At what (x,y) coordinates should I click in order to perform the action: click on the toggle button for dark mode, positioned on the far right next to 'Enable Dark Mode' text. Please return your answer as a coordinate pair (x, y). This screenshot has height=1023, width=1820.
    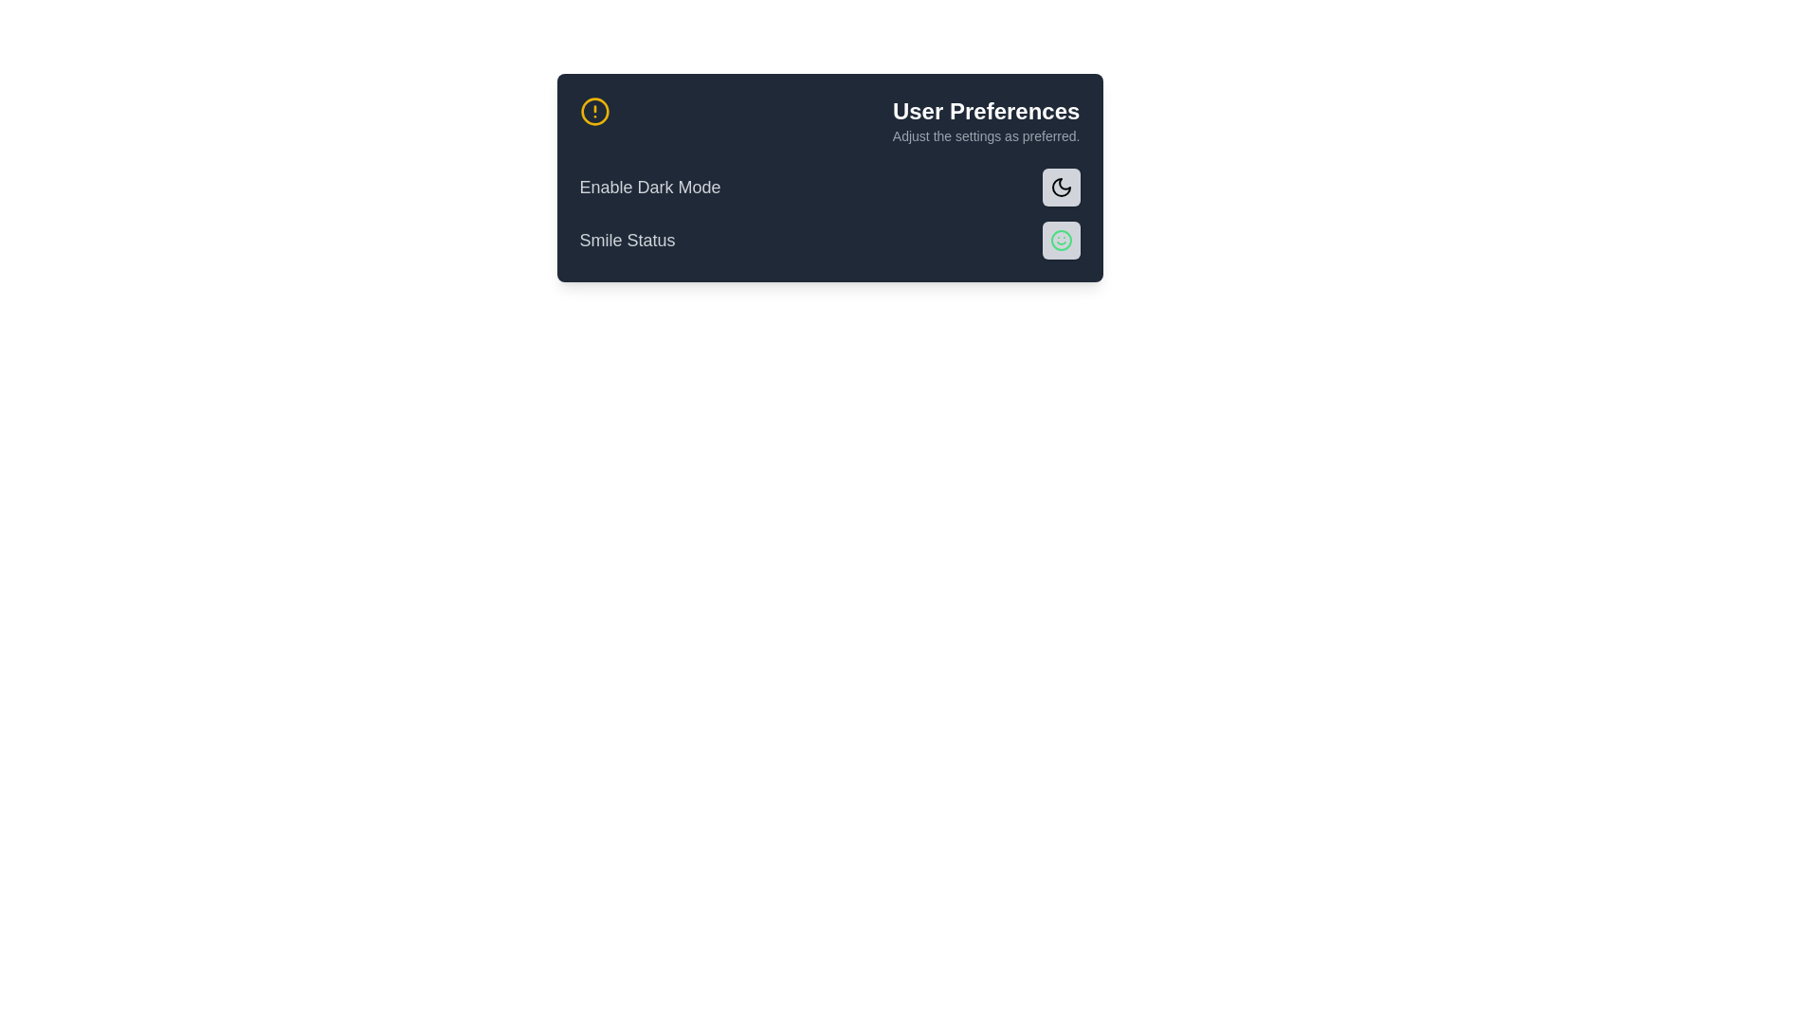
    Looking at the image, I should click on (1060, 187).